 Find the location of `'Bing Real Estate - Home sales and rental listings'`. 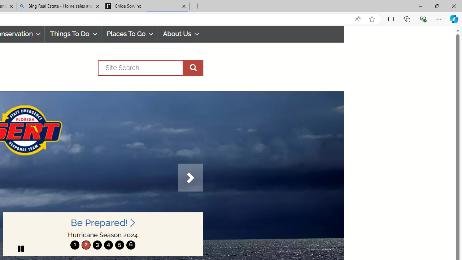

'Bing Real Estate - Home sales and rental listings' is located at coordinates (60, 6).